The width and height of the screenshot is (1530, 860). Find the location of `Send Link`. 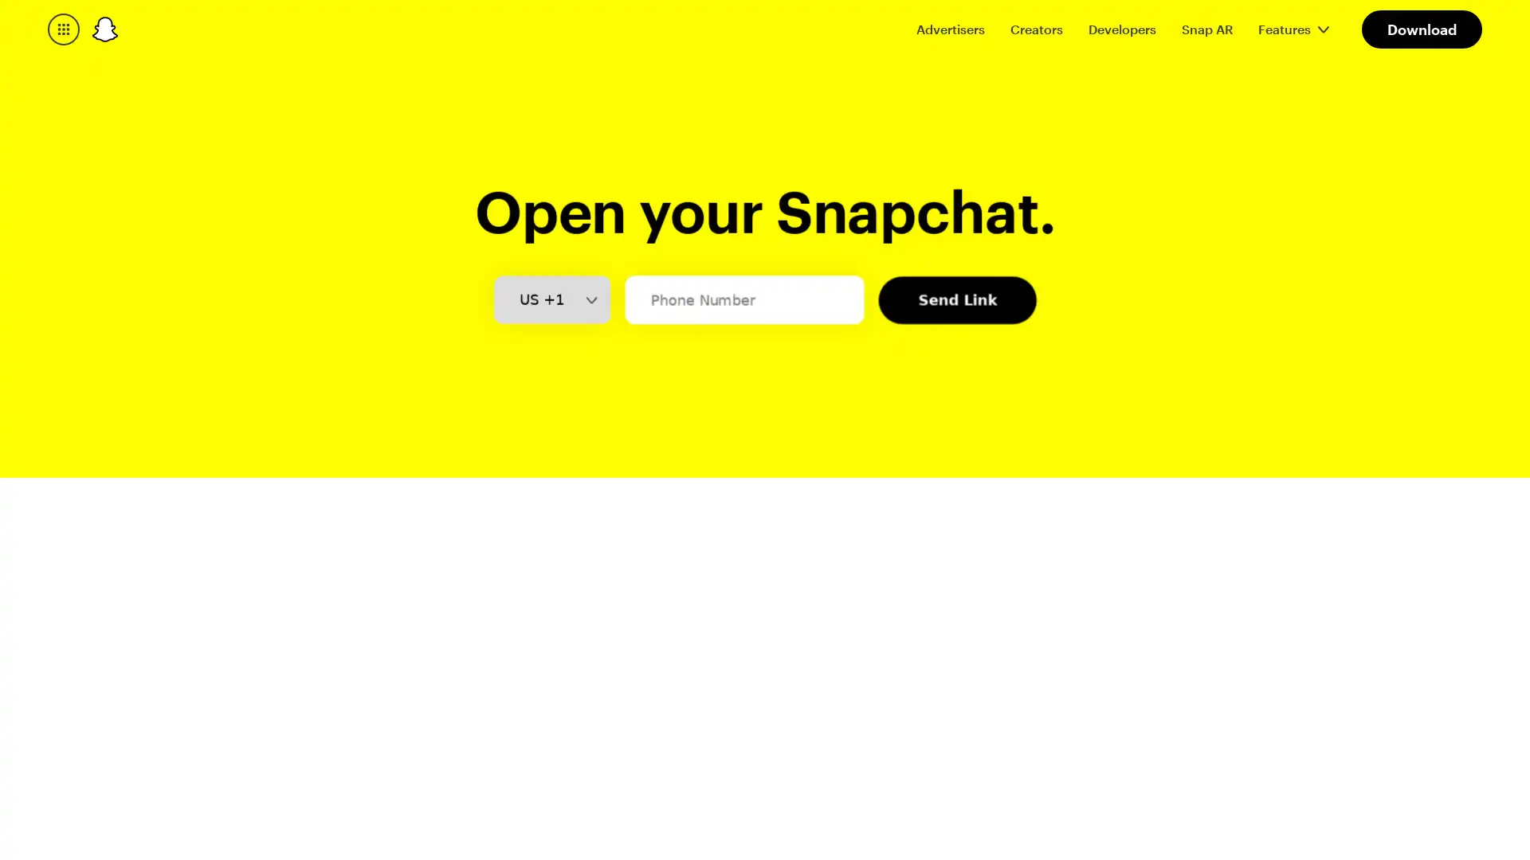

Send Link is located at coordinates (956, 410).